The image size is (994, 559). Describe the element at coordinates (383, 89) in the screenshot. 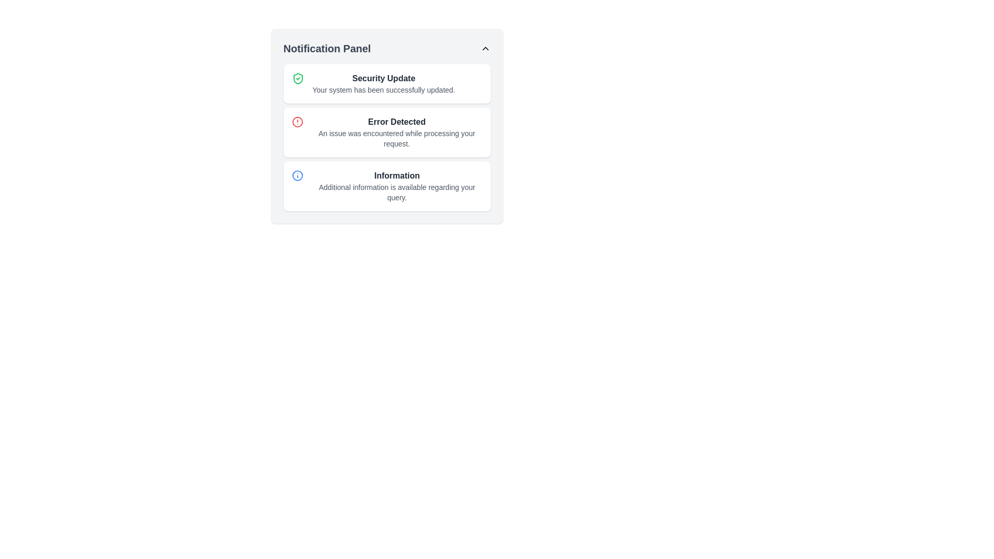

I see `the confirmation message Text Label indicating that the system update has been completed successfully, located below the 'Security Update' header in the notification card` at that location.